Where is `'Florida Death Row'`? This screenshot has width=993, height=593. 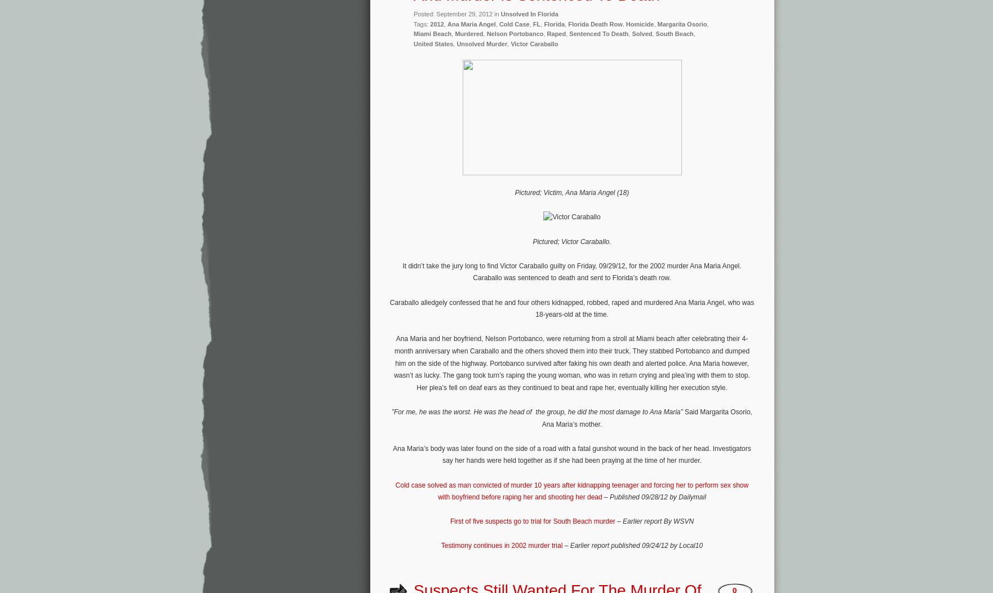
'Florida Death Row' is located at coordinates (595, 23).